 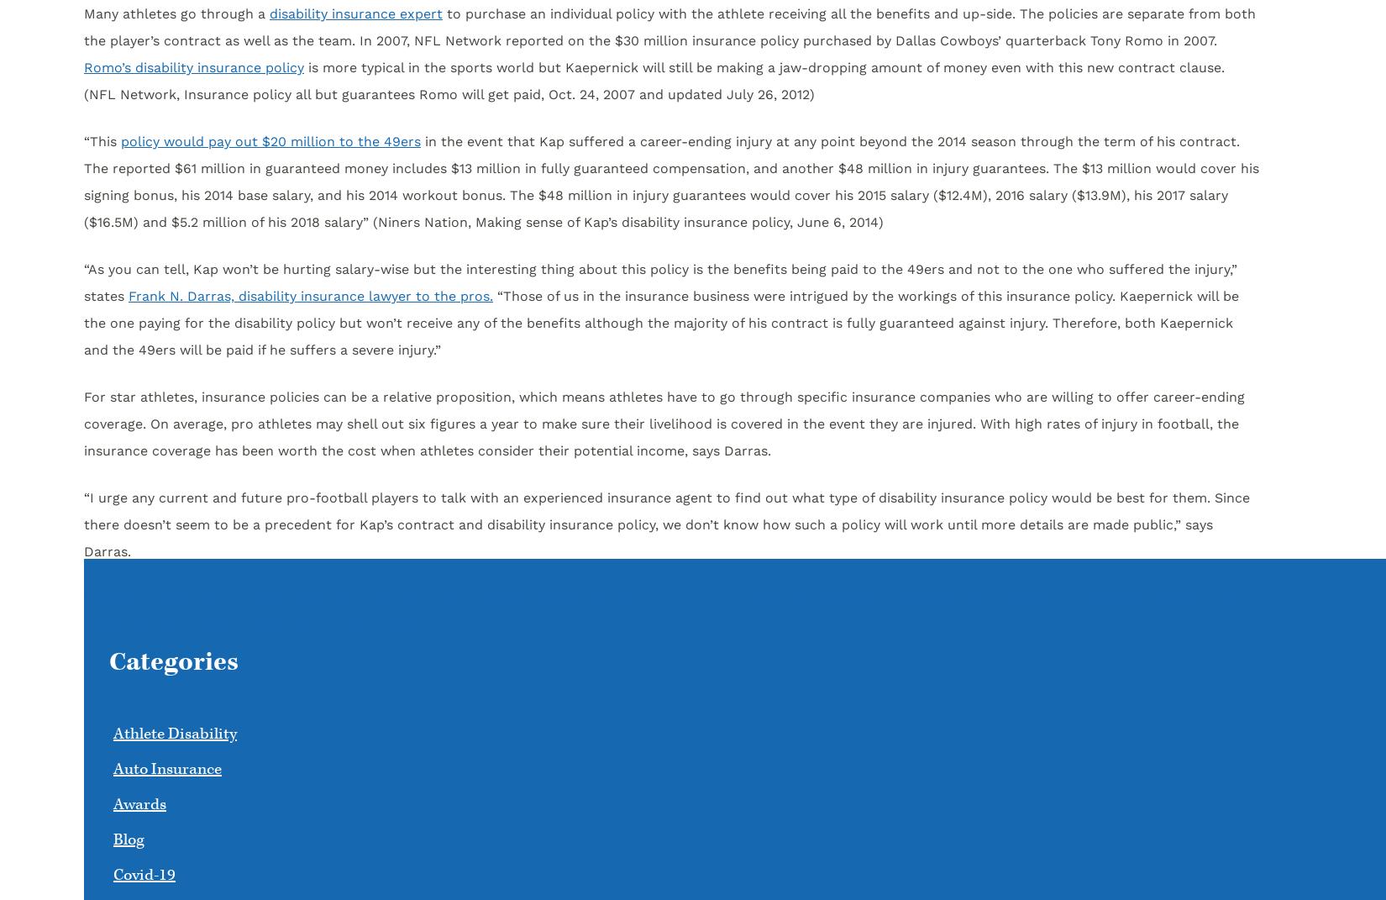 I want to click on 'Blog', so click(x=113, y=839).